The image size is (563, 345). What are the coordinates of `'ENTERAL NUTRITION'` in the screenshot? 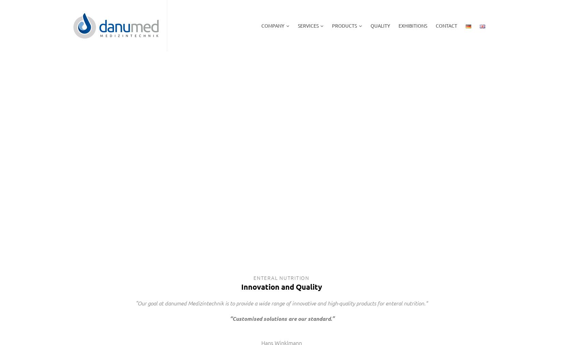 It's located at (253, 277).